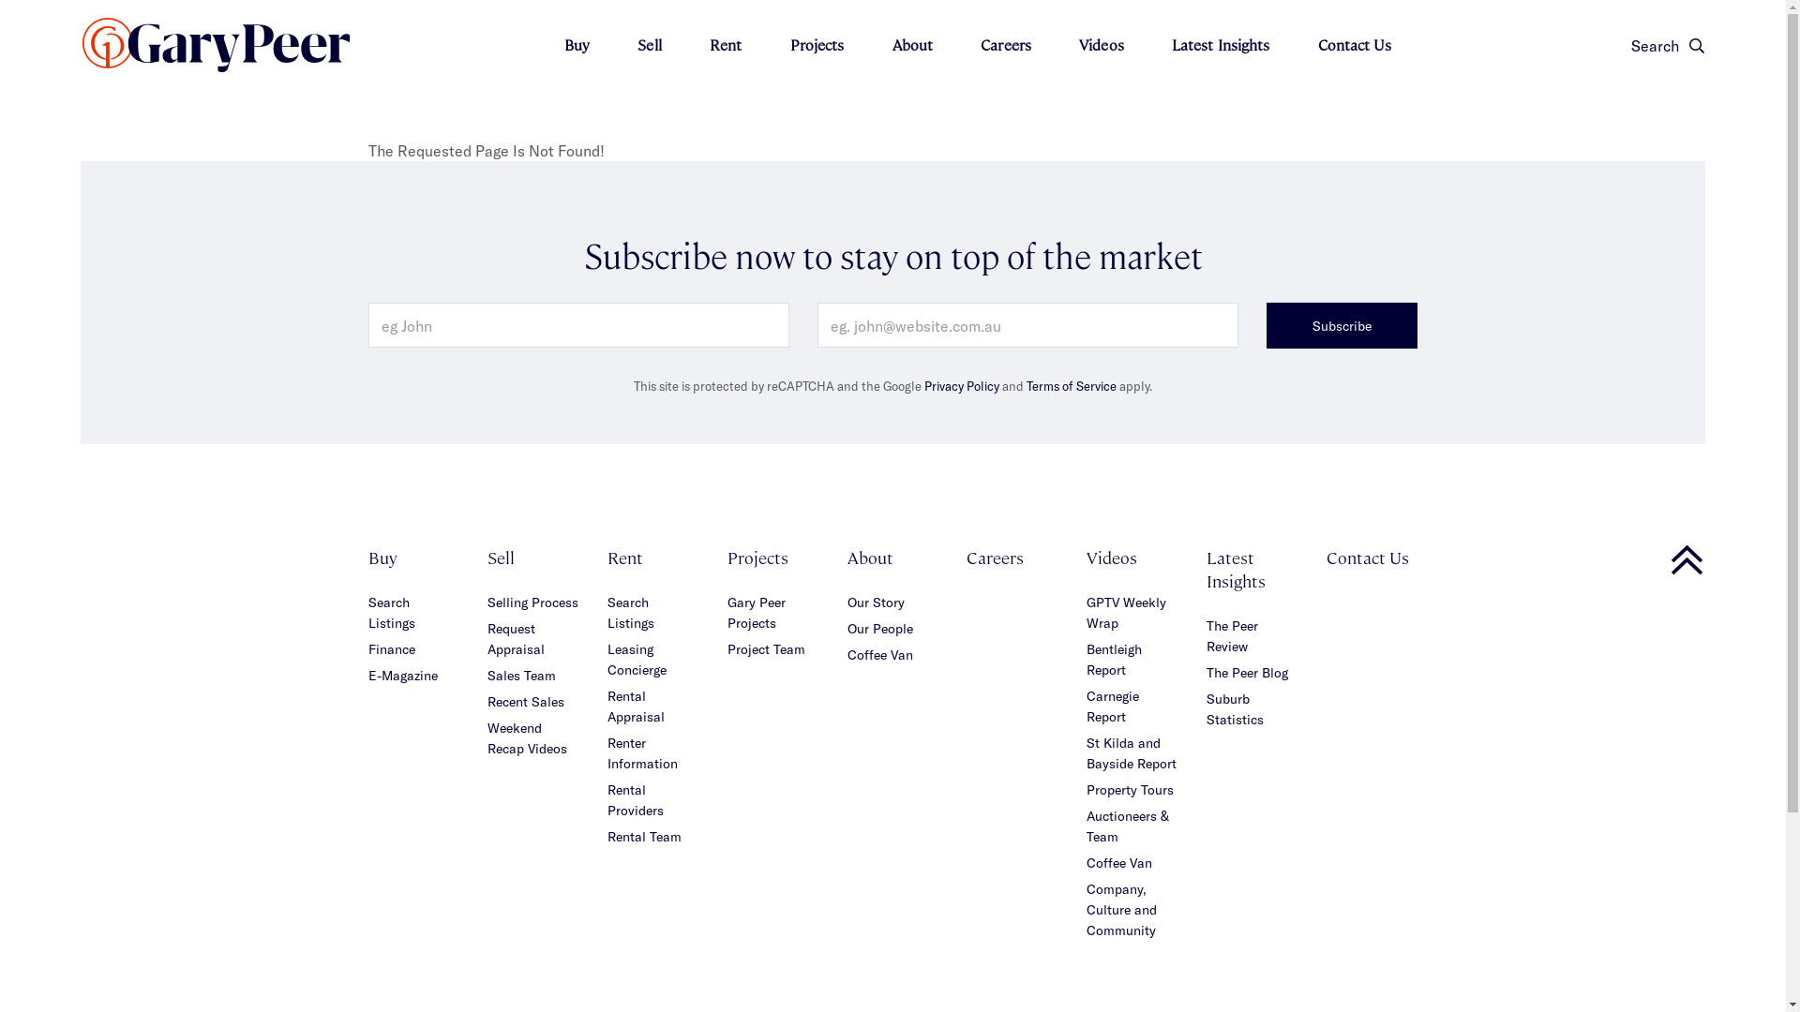  I want to click on 'Subscribe', so click(1266, 324).